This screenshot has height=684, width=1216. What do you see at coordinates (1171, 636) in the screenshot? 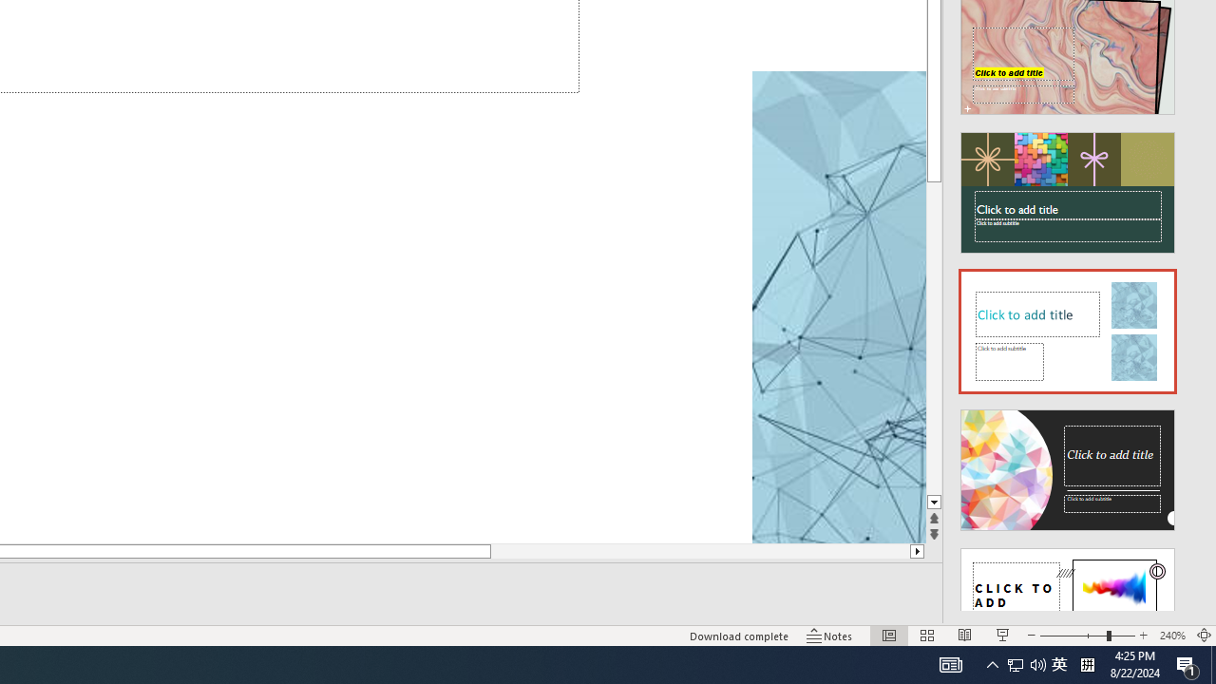
I see `'Zoom 240%'` at bounding box center [1171, 636].